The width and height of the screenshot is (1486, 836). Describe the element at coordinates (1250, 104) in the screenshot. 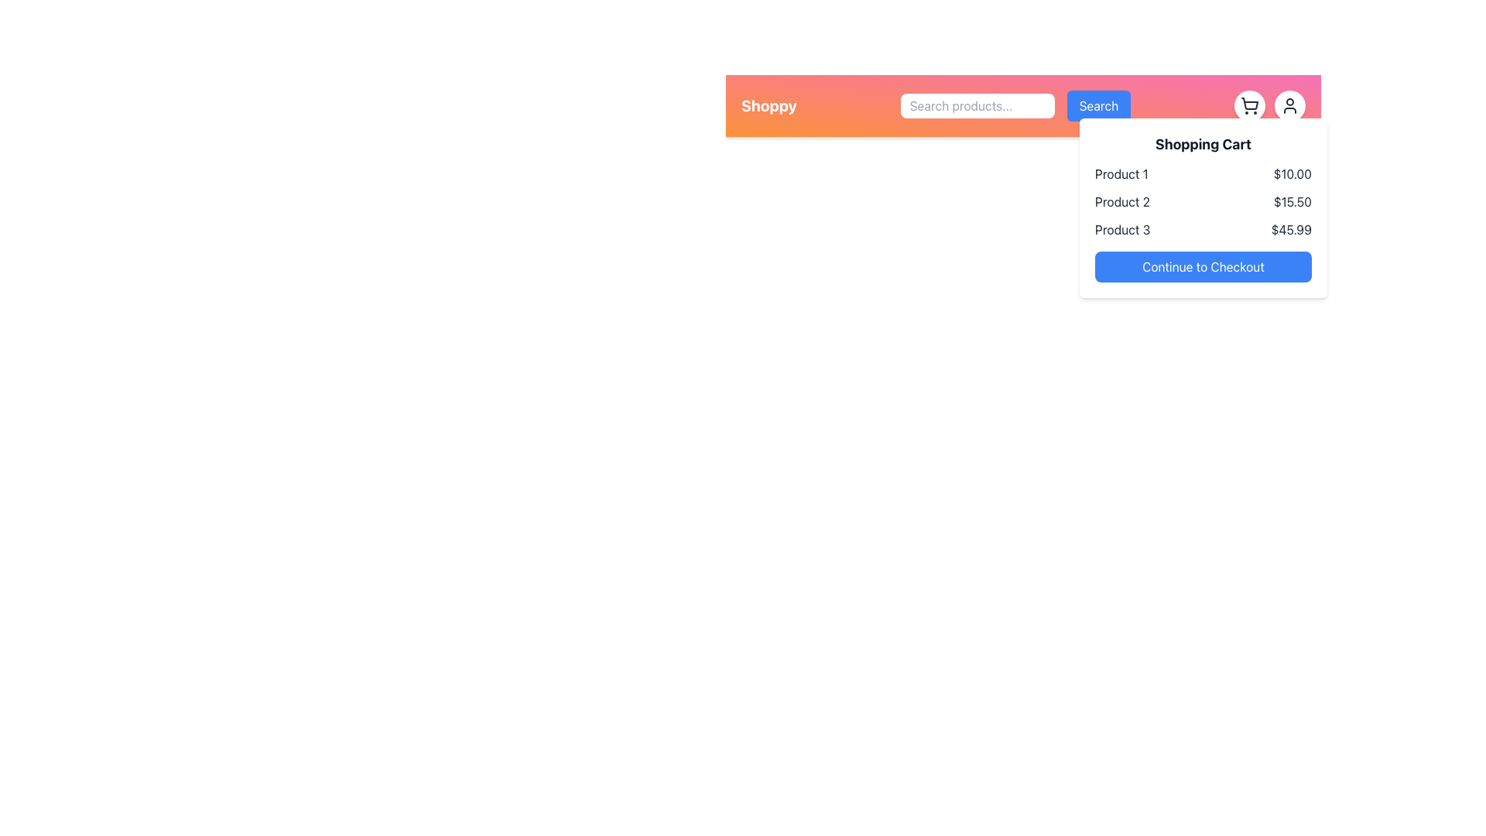

I see `the central part of the shopping cart icon located at the top-right of the layout` at that location.